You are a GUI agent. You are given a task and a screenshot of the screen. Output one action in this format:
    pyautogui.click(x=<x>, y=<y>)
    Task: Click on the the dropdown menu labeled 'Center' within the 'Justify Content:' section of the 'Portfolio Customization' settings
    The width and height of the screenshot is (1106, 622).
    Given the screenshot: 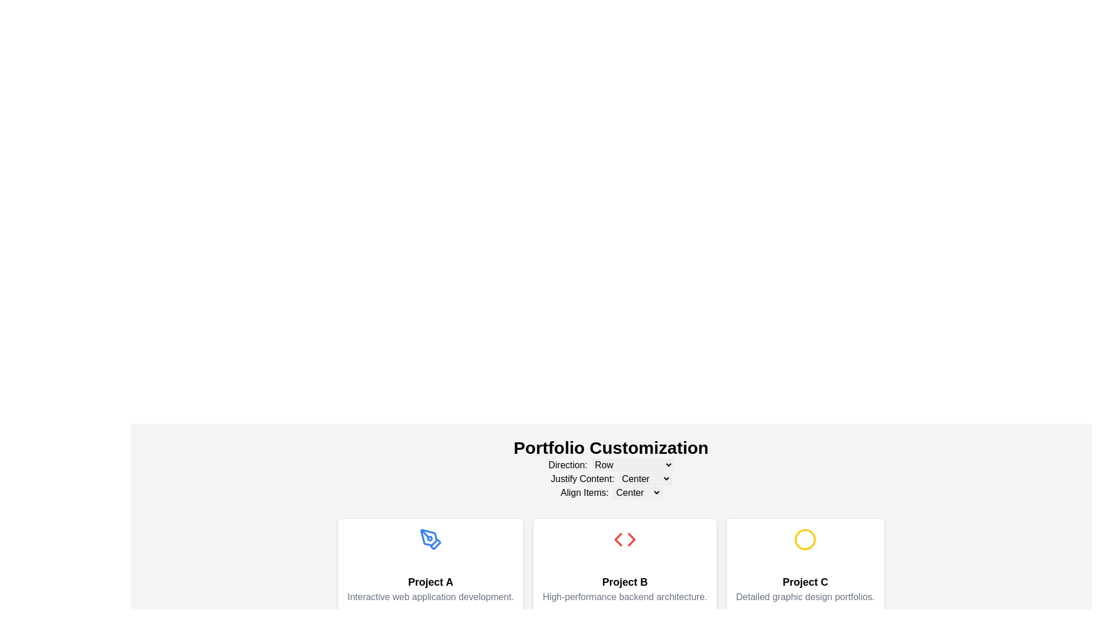 What is the action you would take?
    pyautogui.click(x=645, y=479)
    